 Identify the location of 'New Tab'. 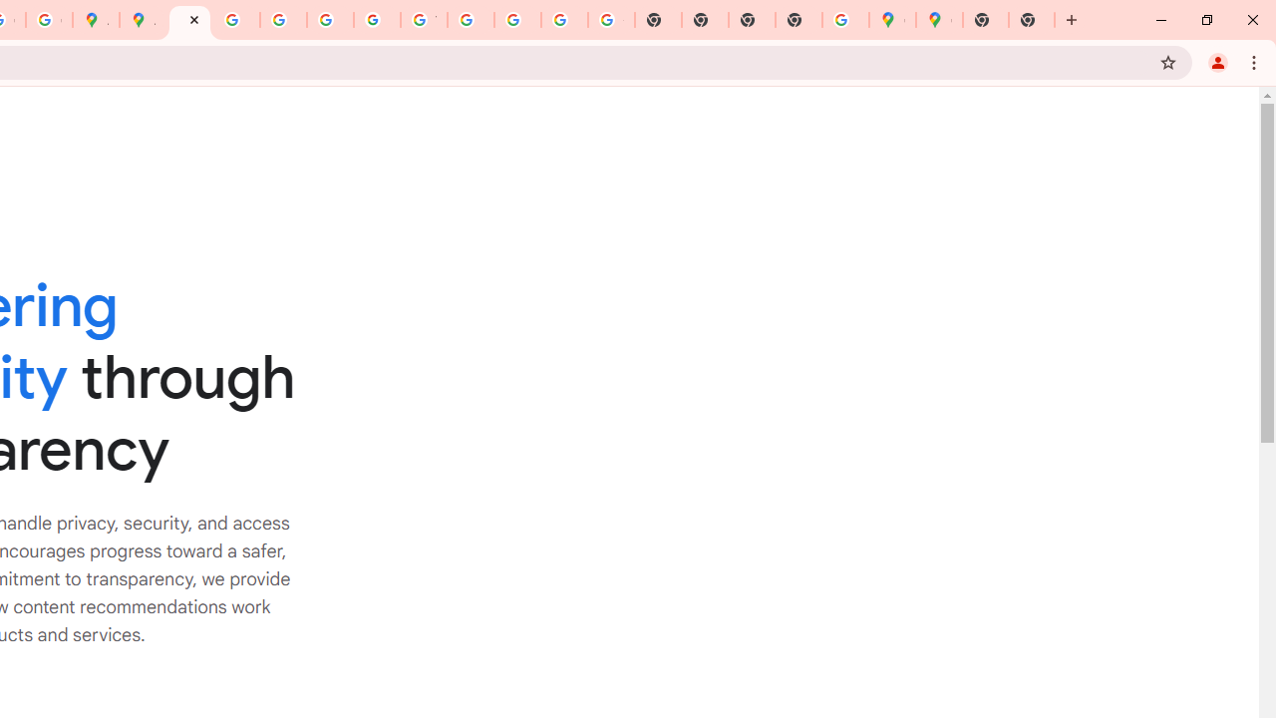
(1032, 20).